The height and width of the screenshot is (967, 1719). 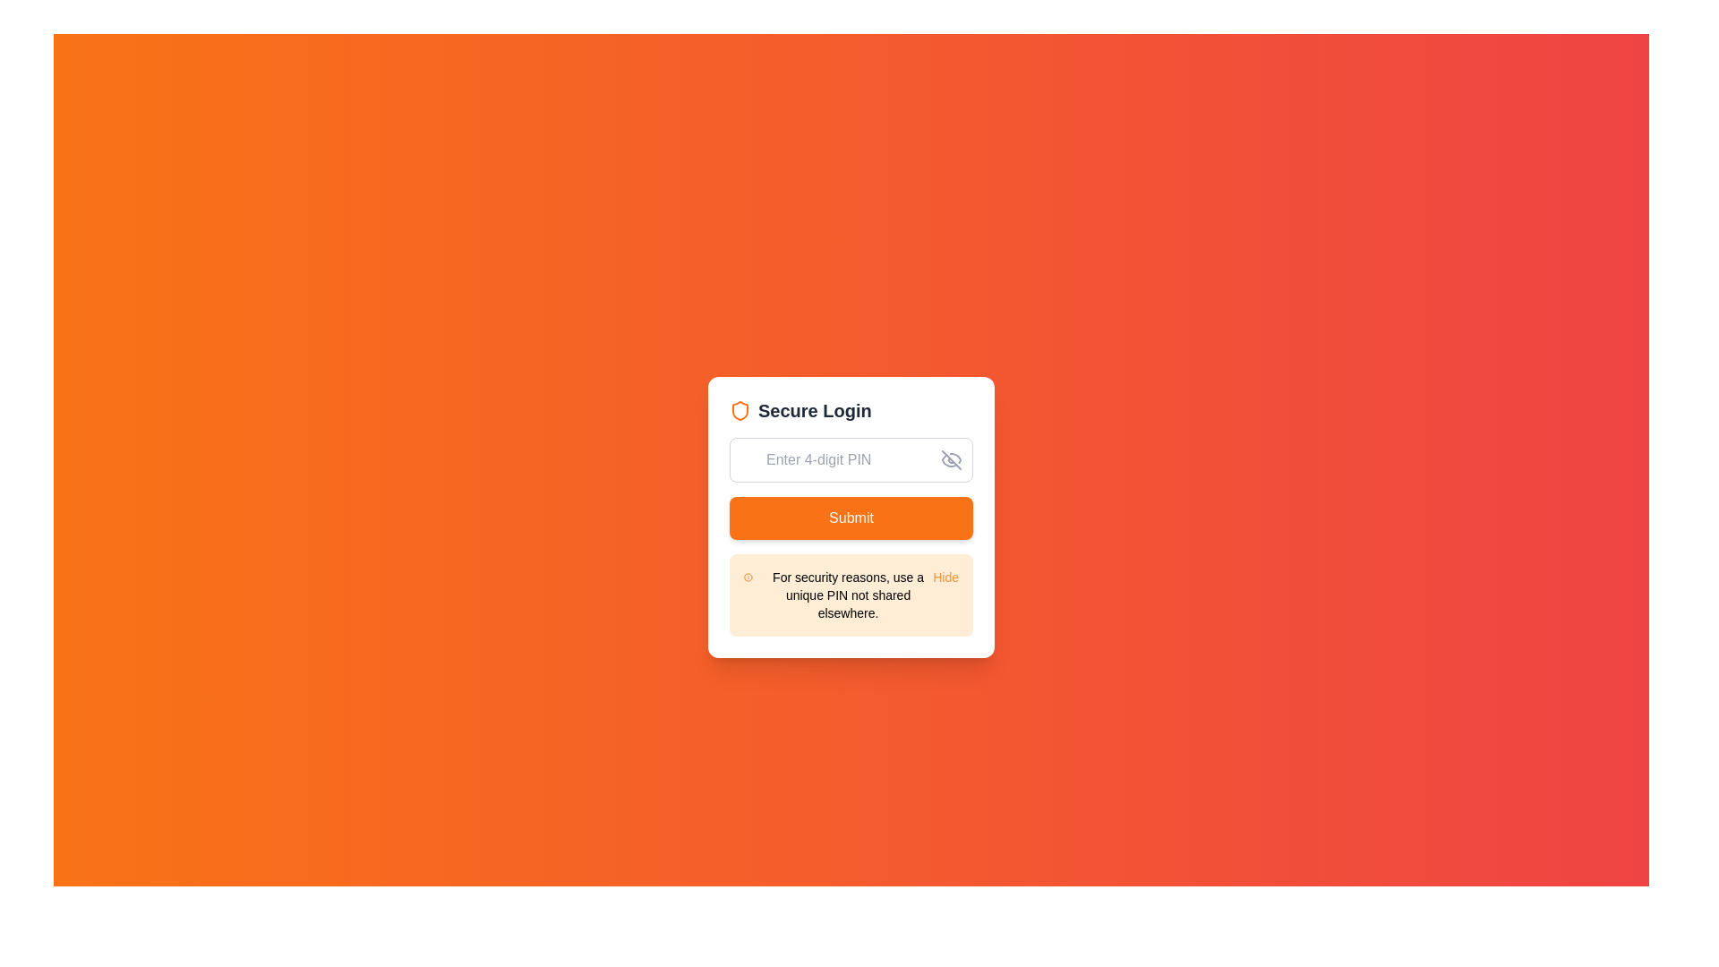 What do you see at coordinates (945, 577) in the screenshot?
I see `the hyperlink text located in the bottom-right segment of the notification box` at bounding box center [945, 577].